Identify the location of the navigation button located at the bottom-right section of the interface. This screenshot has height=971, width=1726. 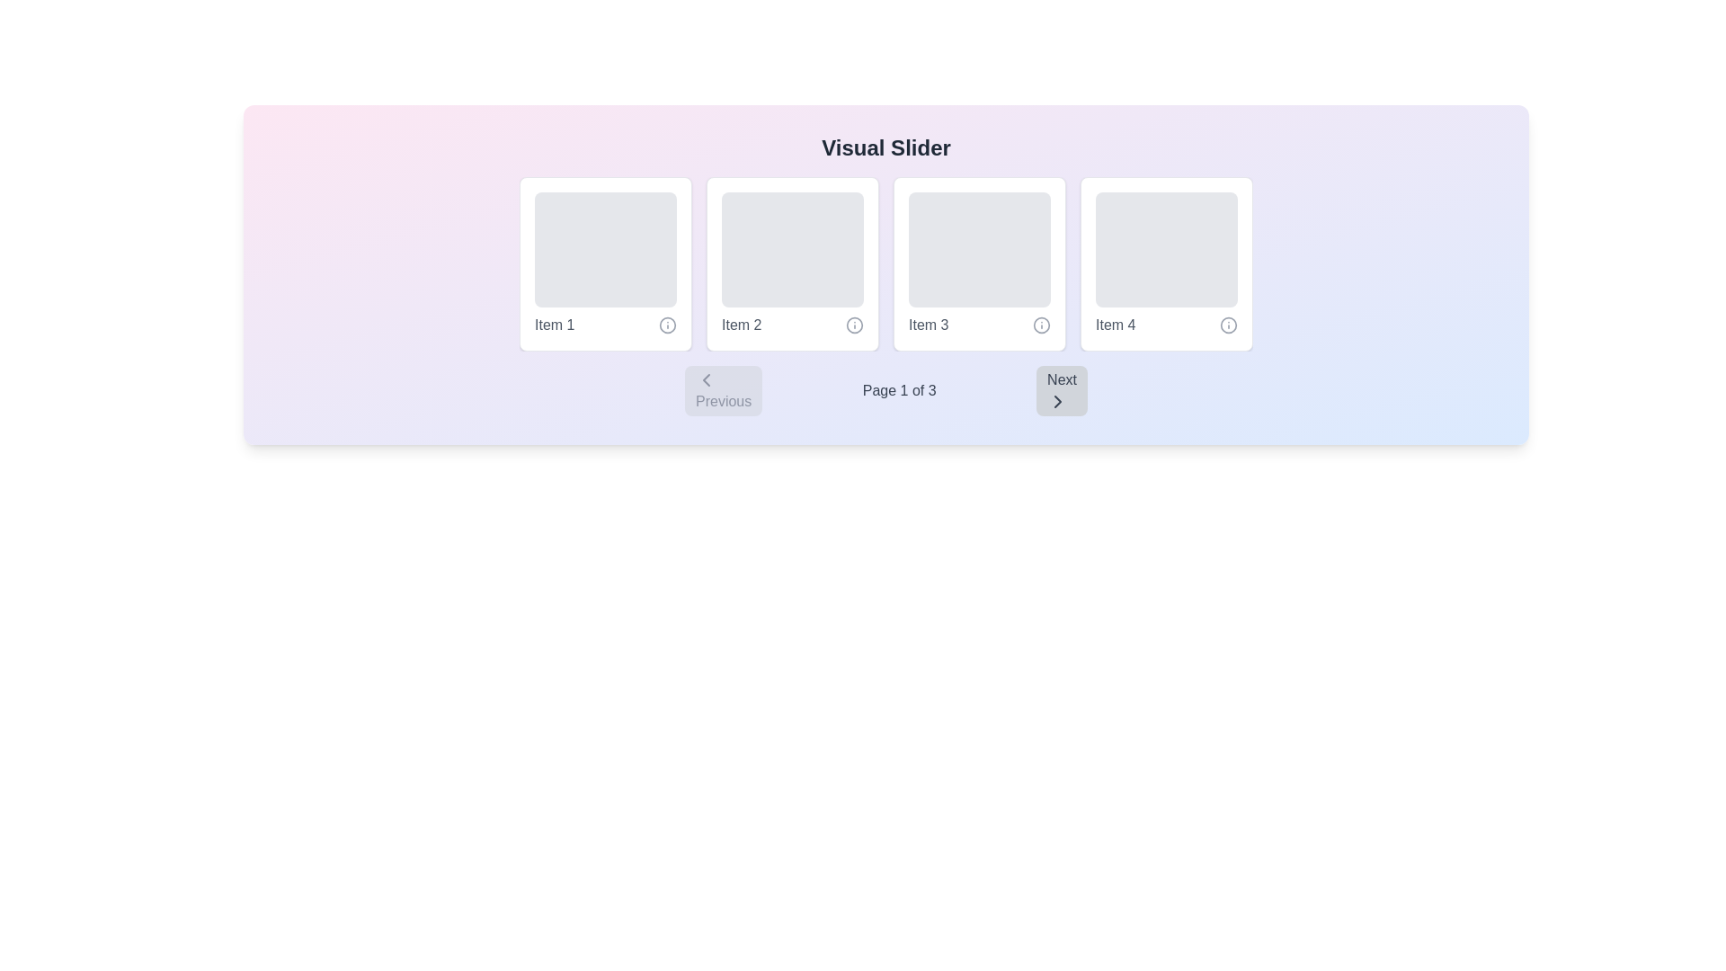
(1062, 390).